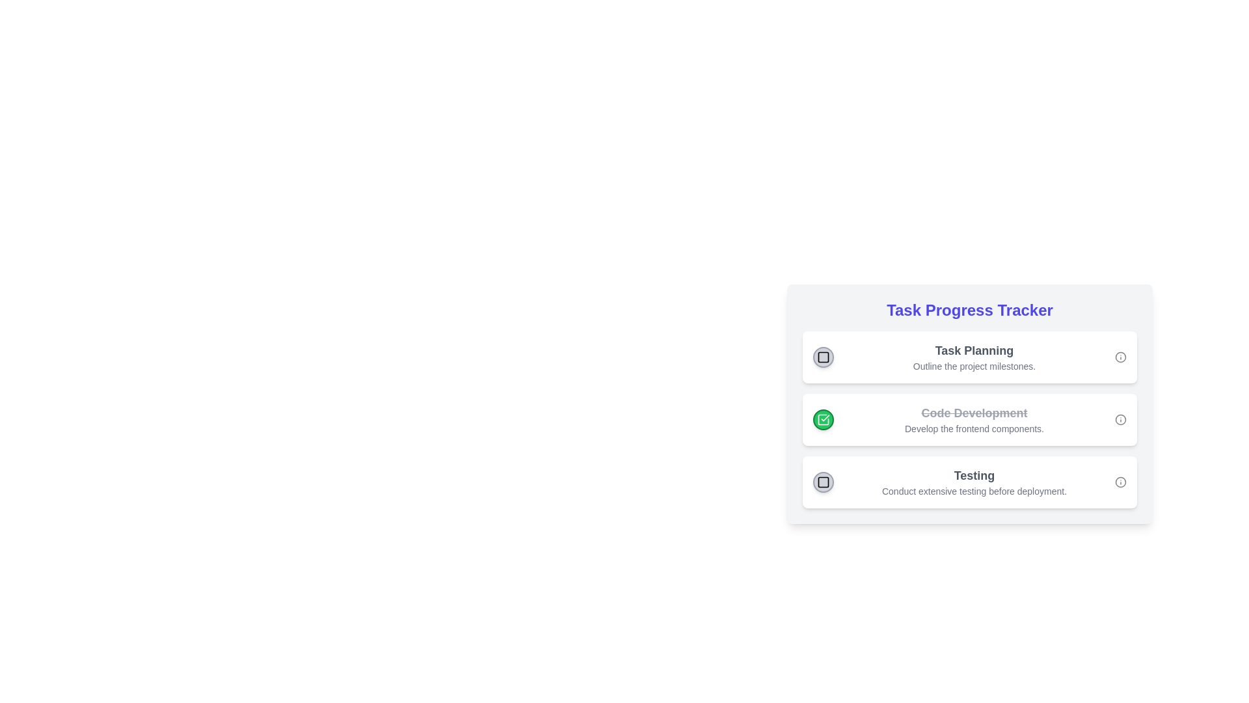 The height and width of the screenshot is (703, 1249). I want to click on text label that says 'Conduct extensive testing before deployment.' located beneath the 'Testing' title in the task card, so click(974, 491).